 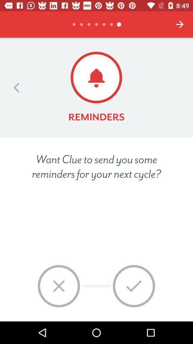 I want to click on the icon above the want clue to, so click(x=16, y=87).